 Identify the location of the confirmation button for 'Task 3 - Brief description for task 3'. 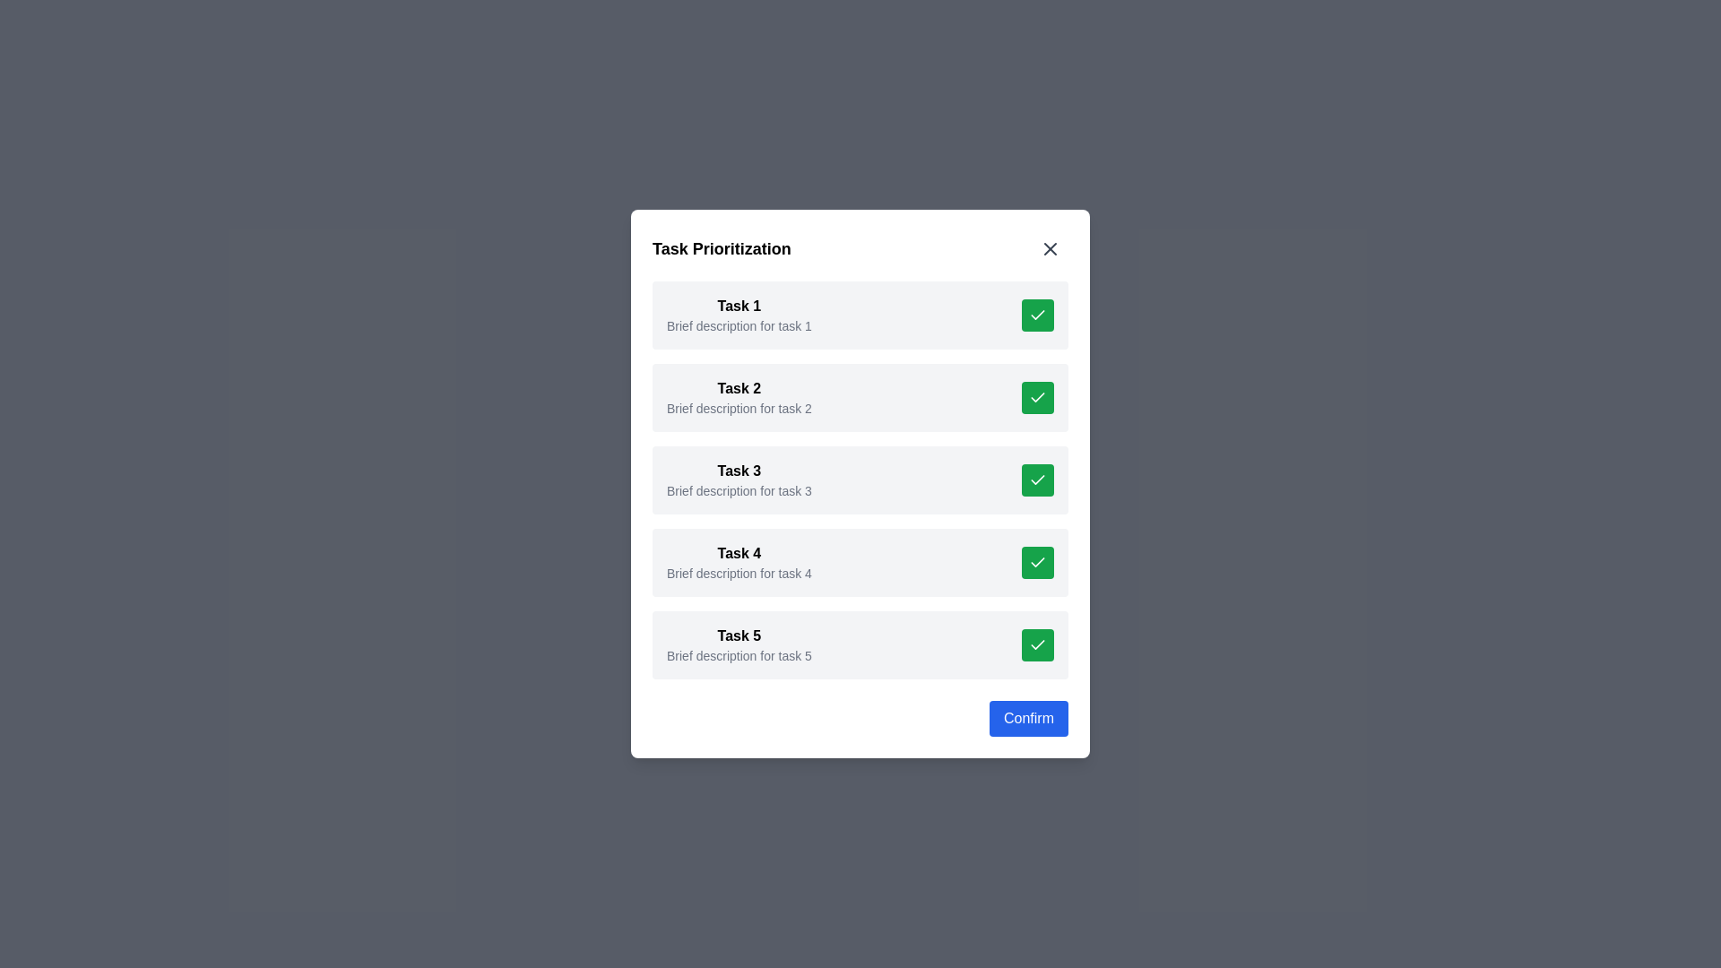
(1037, 480).